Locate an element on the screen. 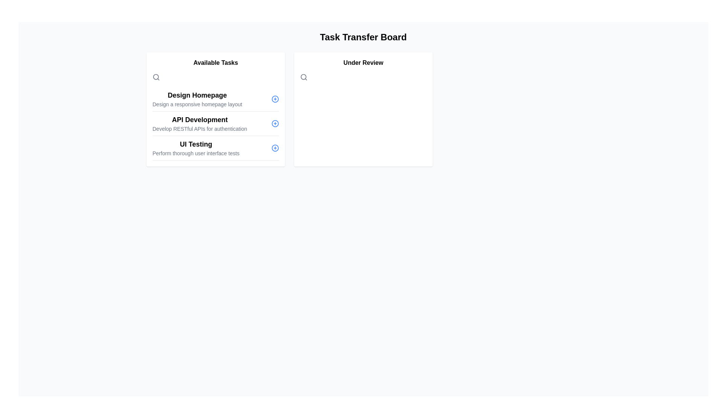 The image size is (723, 407). the Text display block titled 'API Development', which contains the description 'Develop RESTful APIs for authentication', located in the 'Available Tasks' panel is located at coordinates (200, 123).